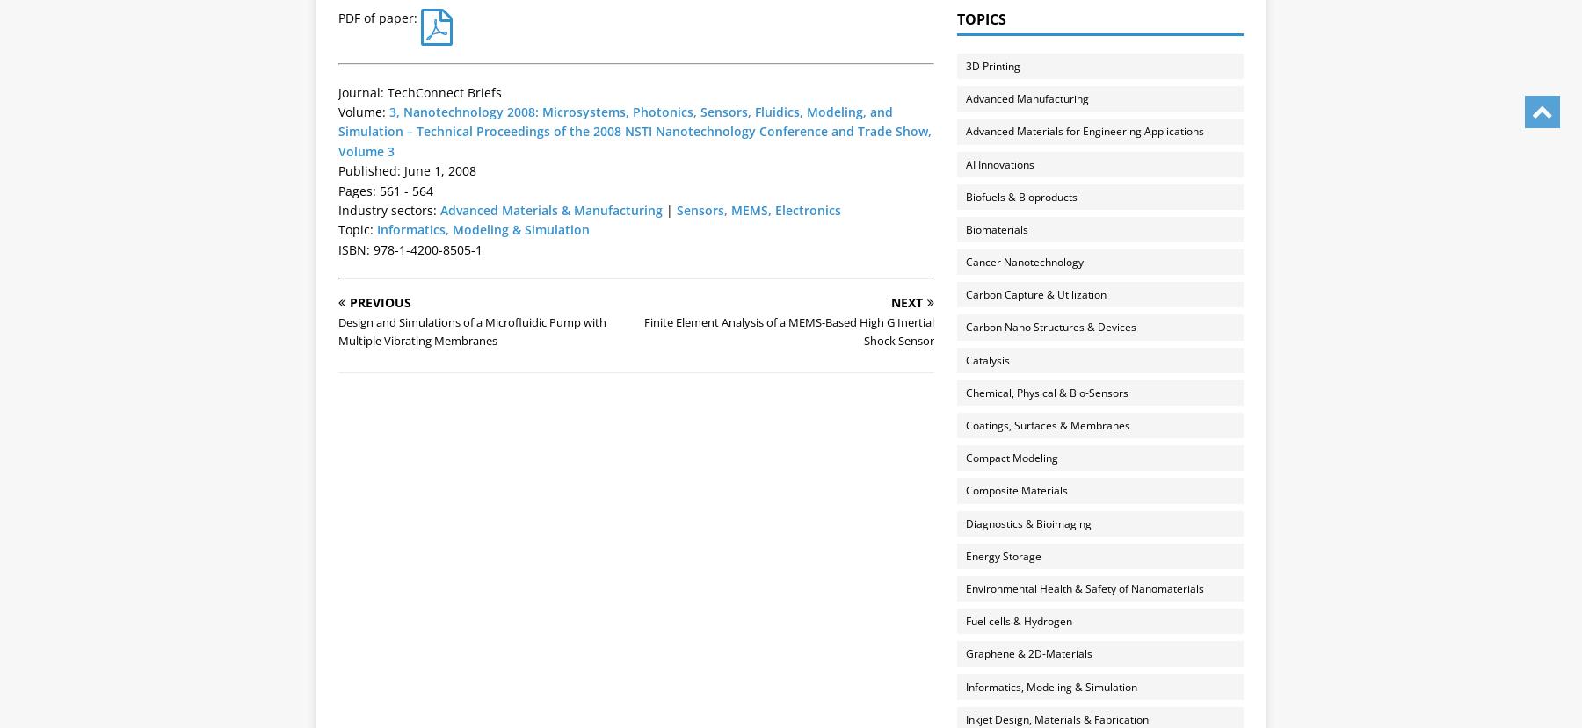 This screenshot has width=1582, height=728. I want to click on 'Sensors, MEMS, Electronics', so click(758, 209).